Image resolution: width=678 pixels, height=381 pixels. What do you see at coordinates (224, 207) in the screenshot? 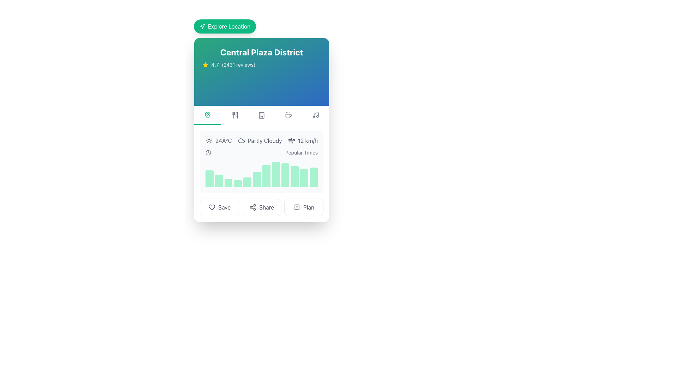
I see `the 'Save' text label, which is dark gray and located beside a heart icon and a 'Share' button, to initiate the save action` at bounding box center [224, 207].